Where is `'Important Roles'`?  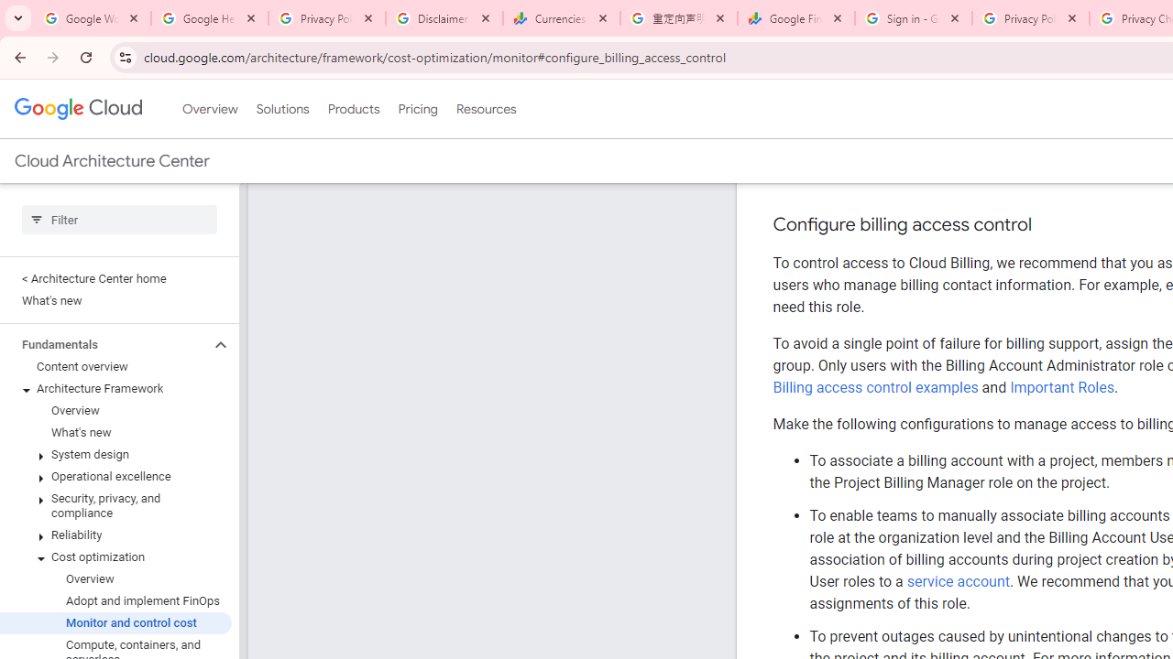
'Important Roles' is located at coordinates (1062, 386).